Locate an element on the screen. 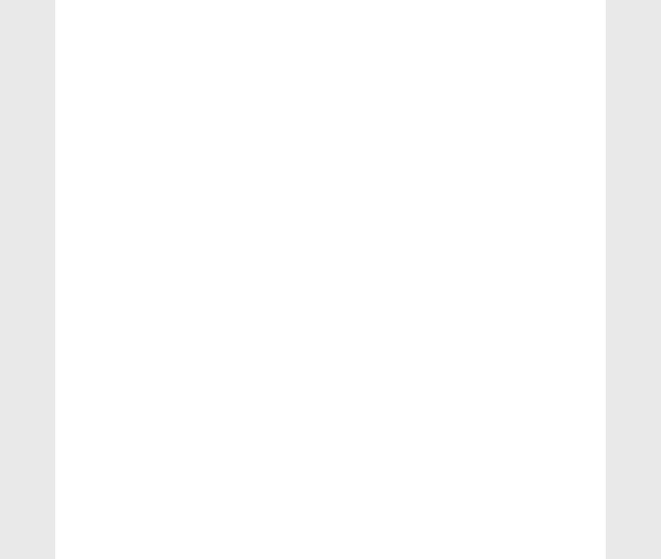 The image size is (661, 559). 'TallyPrime' is located at coordinates (477, 222).